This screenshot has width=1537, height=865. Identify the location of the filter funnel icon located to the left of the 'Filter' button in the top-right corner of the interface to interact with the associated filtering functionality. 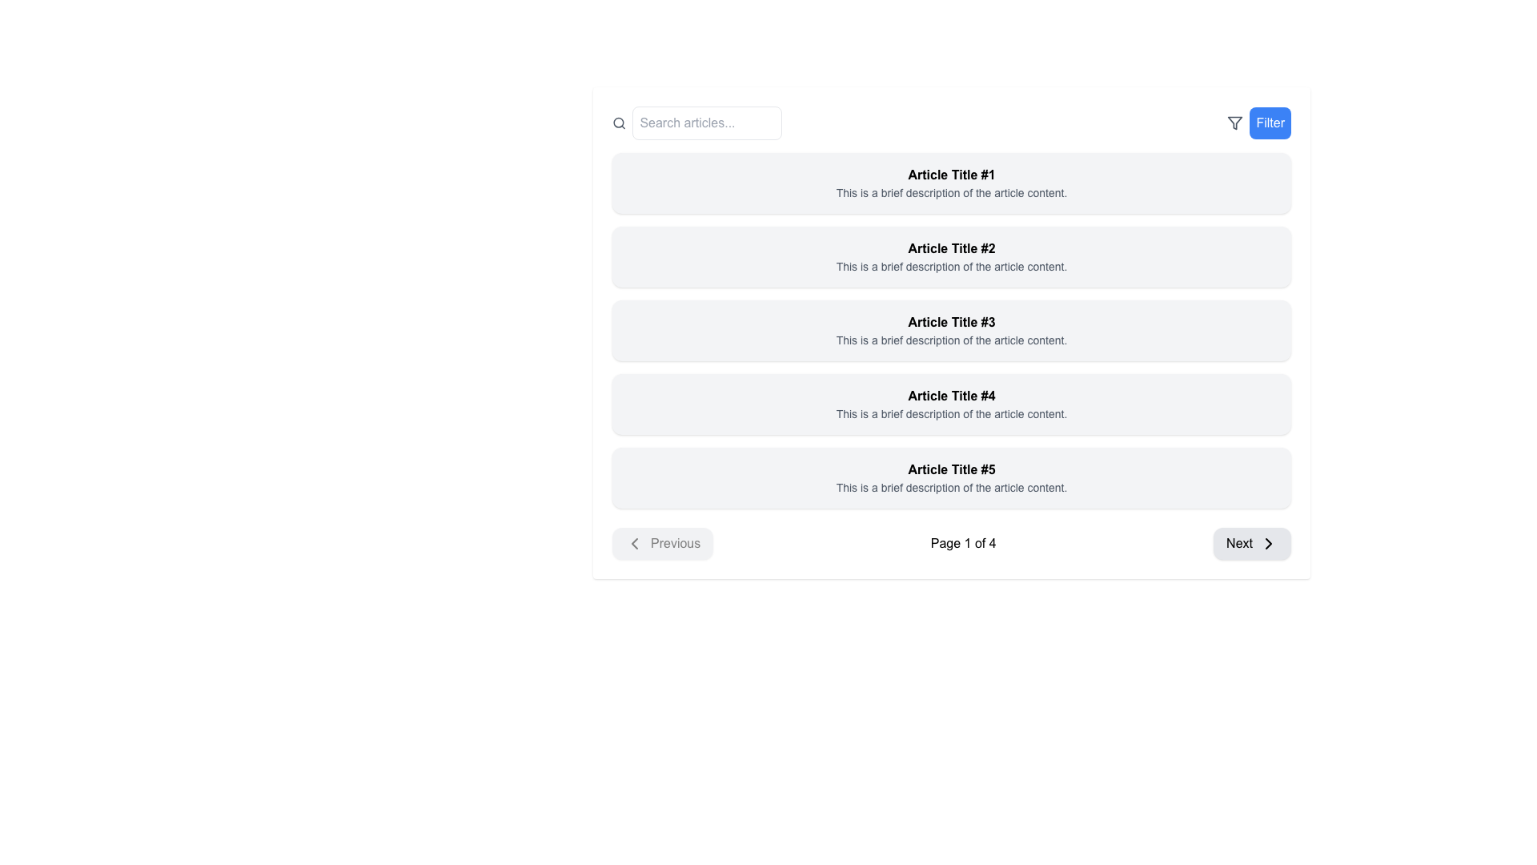
(1234, 123).